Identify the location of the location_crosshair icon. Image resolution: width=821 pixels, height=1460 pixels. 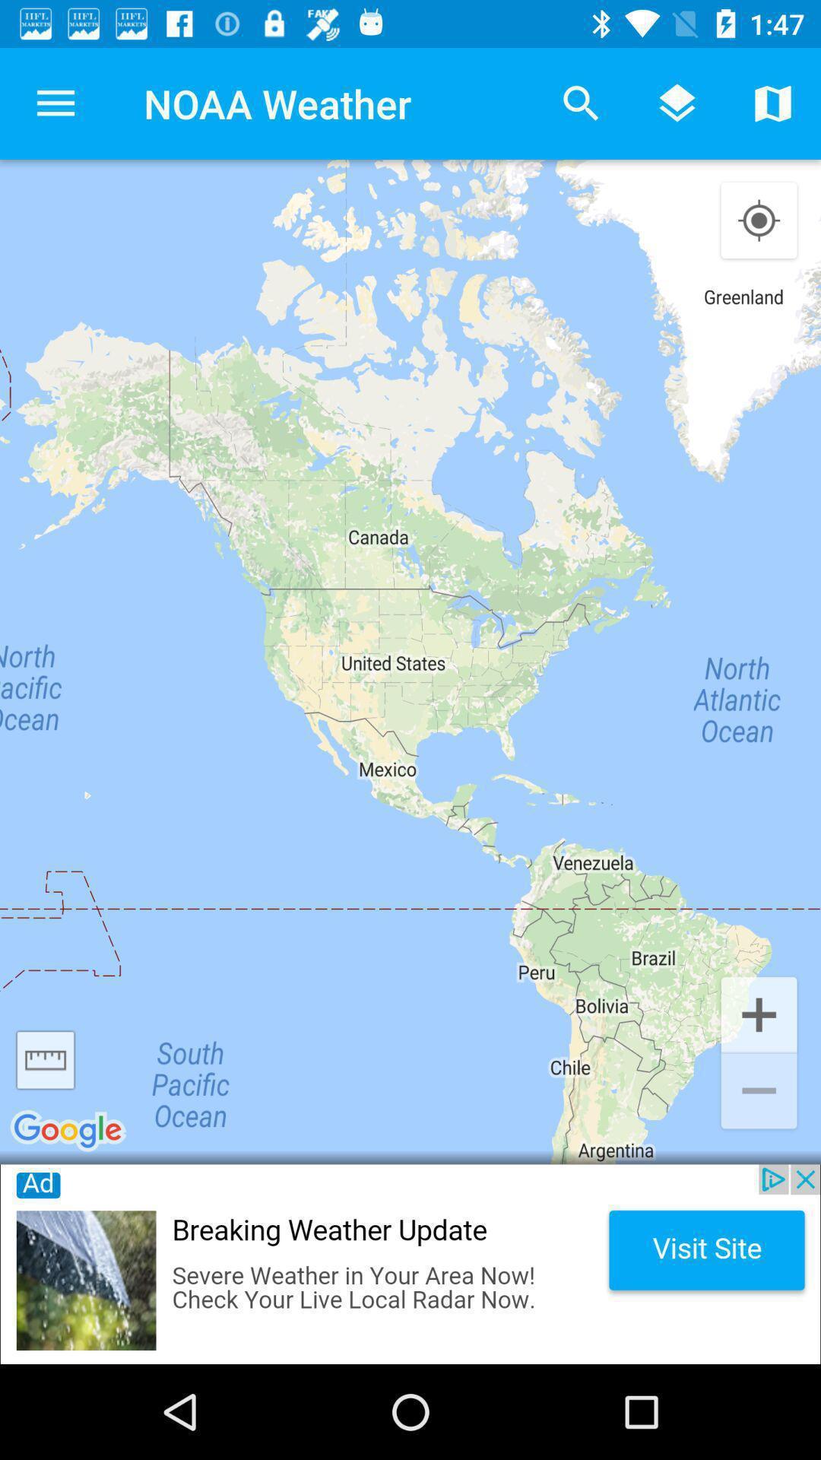
(759, 221).